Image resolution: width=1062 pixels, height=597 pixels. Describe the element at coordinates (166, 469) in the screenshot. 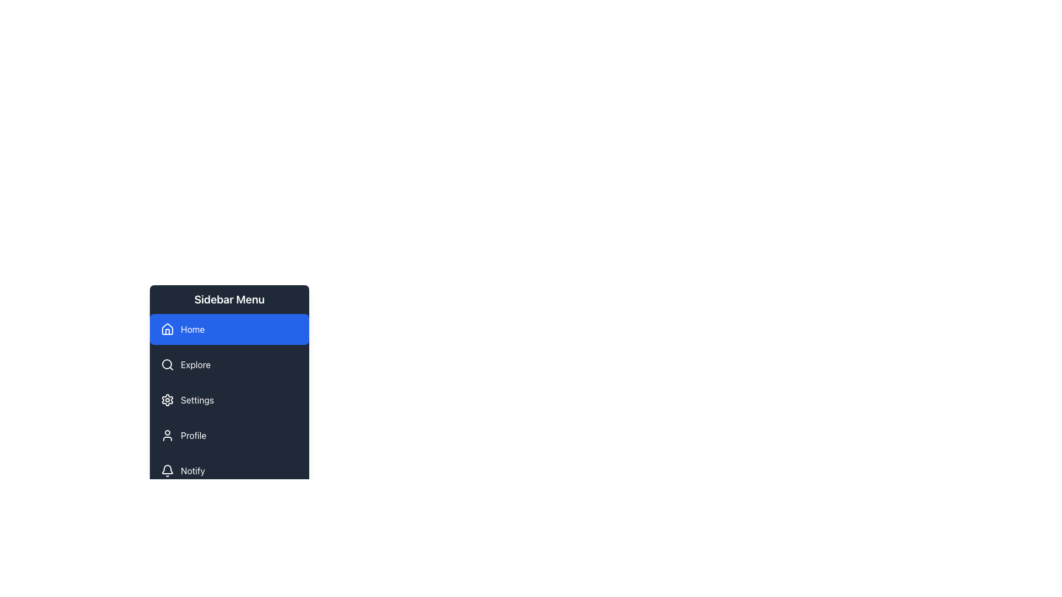

I see `the bell icon component located at the bottom of the vertical navigation sidebar, just below the 'Profile' option in the notification menu identified by the 'Notify' label` at that location.